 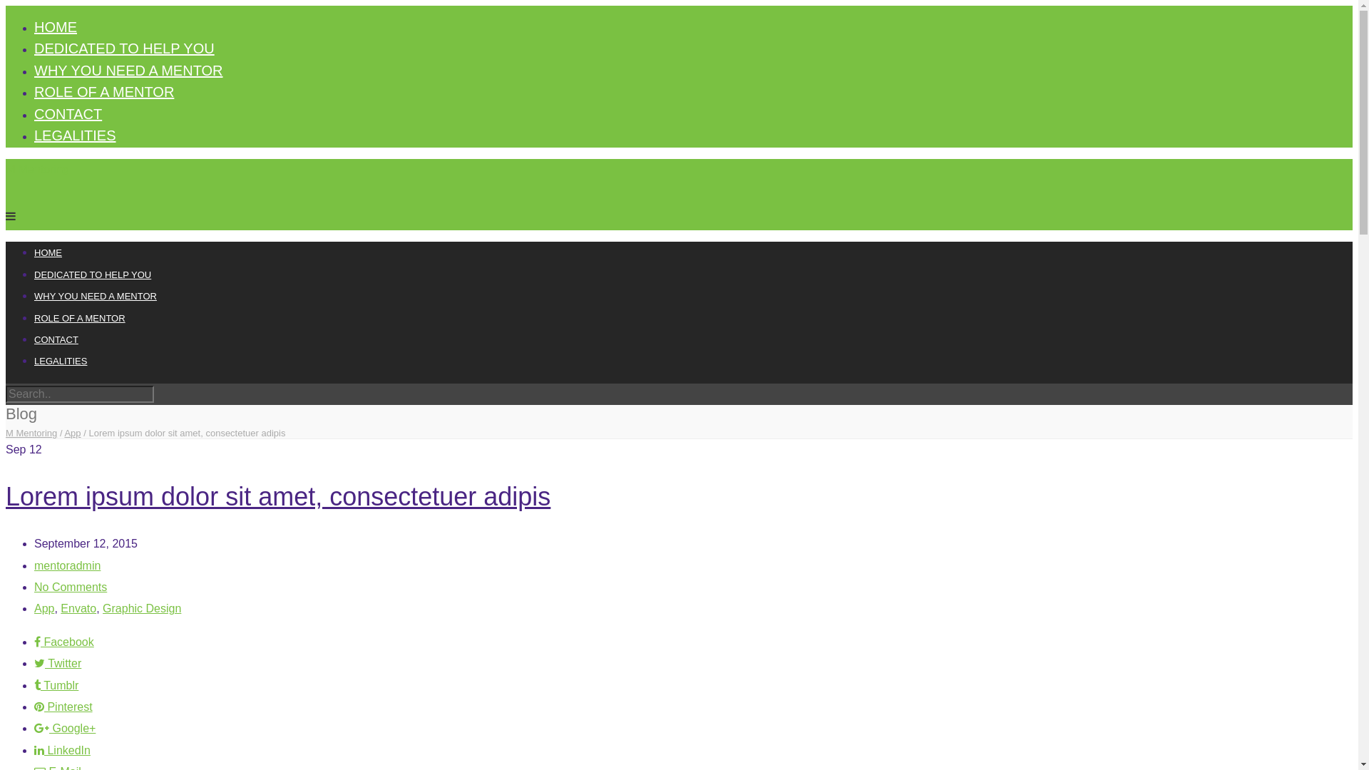 What do you see at coordinates (78, 317) in the screenshot?
I see `'ROLE OF A MENTOR'` at bounding box center [78, 317].